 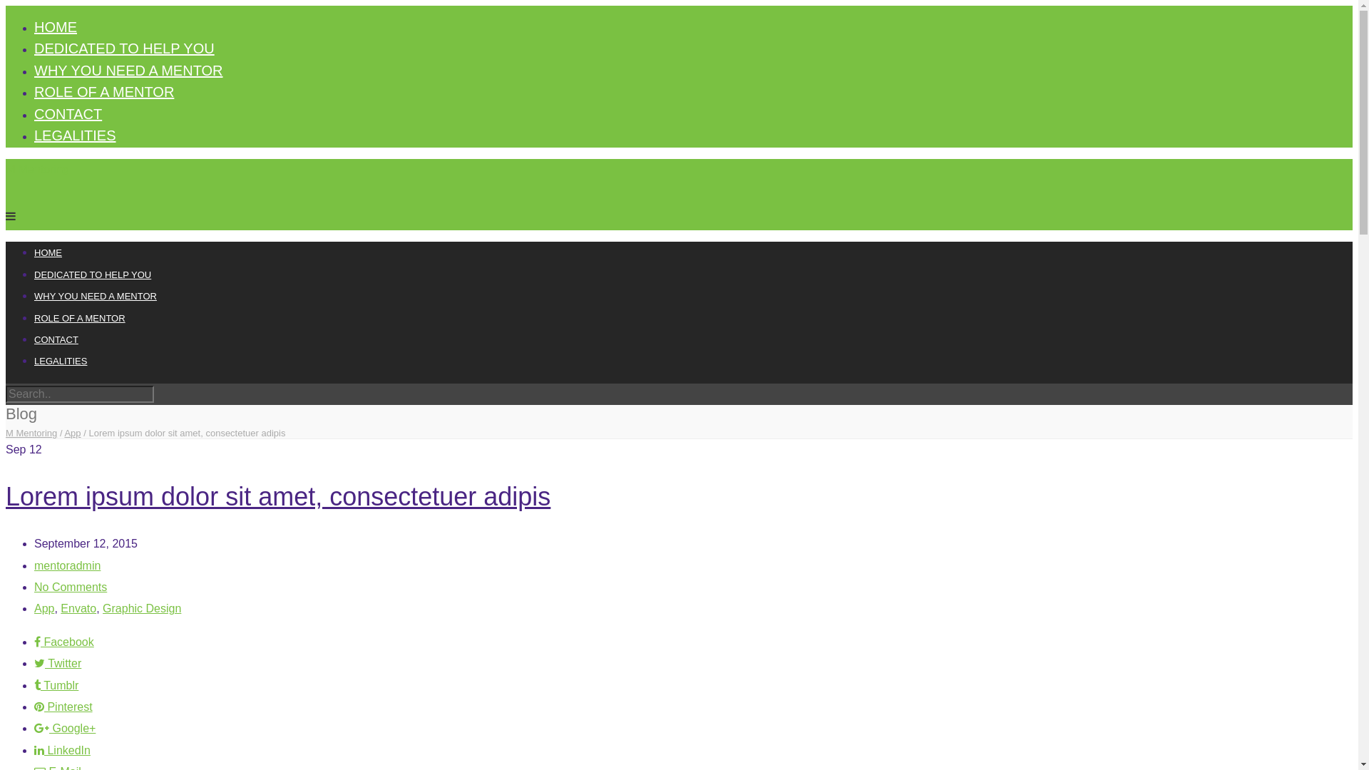 What do you see at coordinates (78, 317) in the screenshot?
I see `'ROLE OF A MENTOR'` at bounding box center [78, 317].